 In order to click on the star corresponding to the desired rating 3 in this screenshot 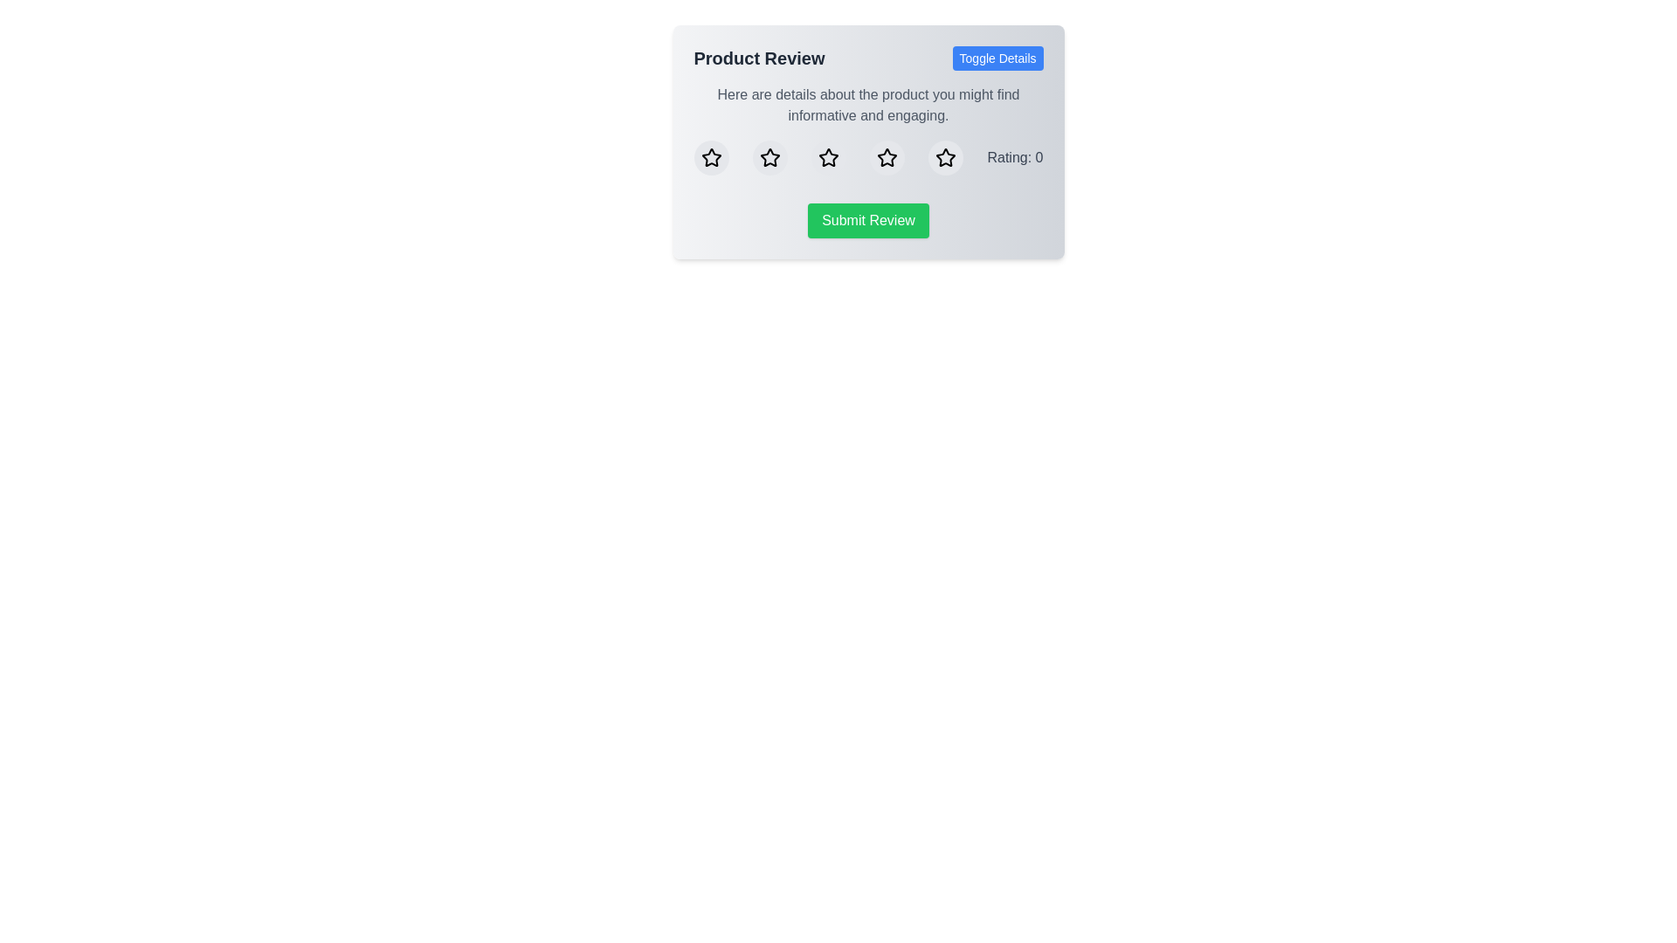, I will do `click(827, 158)`.